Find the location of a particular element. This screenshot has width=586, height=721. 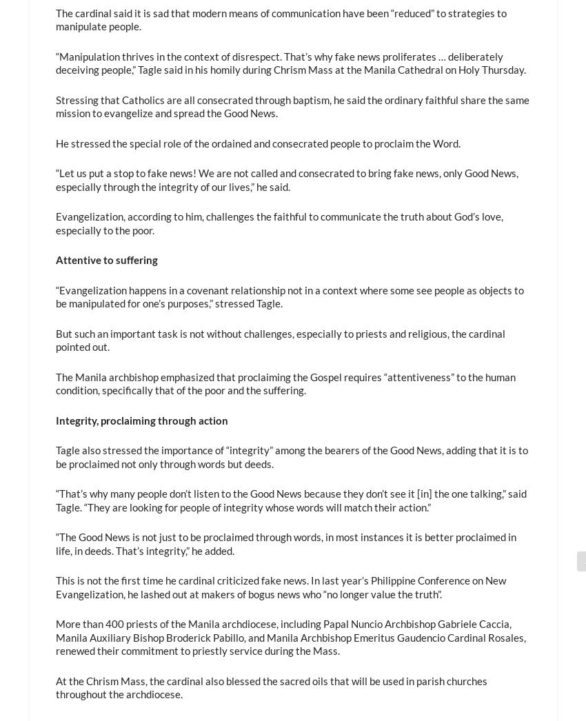

'Evangelization, according to him, challenges the faithful to communicate the truth about God’s love, especially to the poor.' is located at coordinates (279, 222).